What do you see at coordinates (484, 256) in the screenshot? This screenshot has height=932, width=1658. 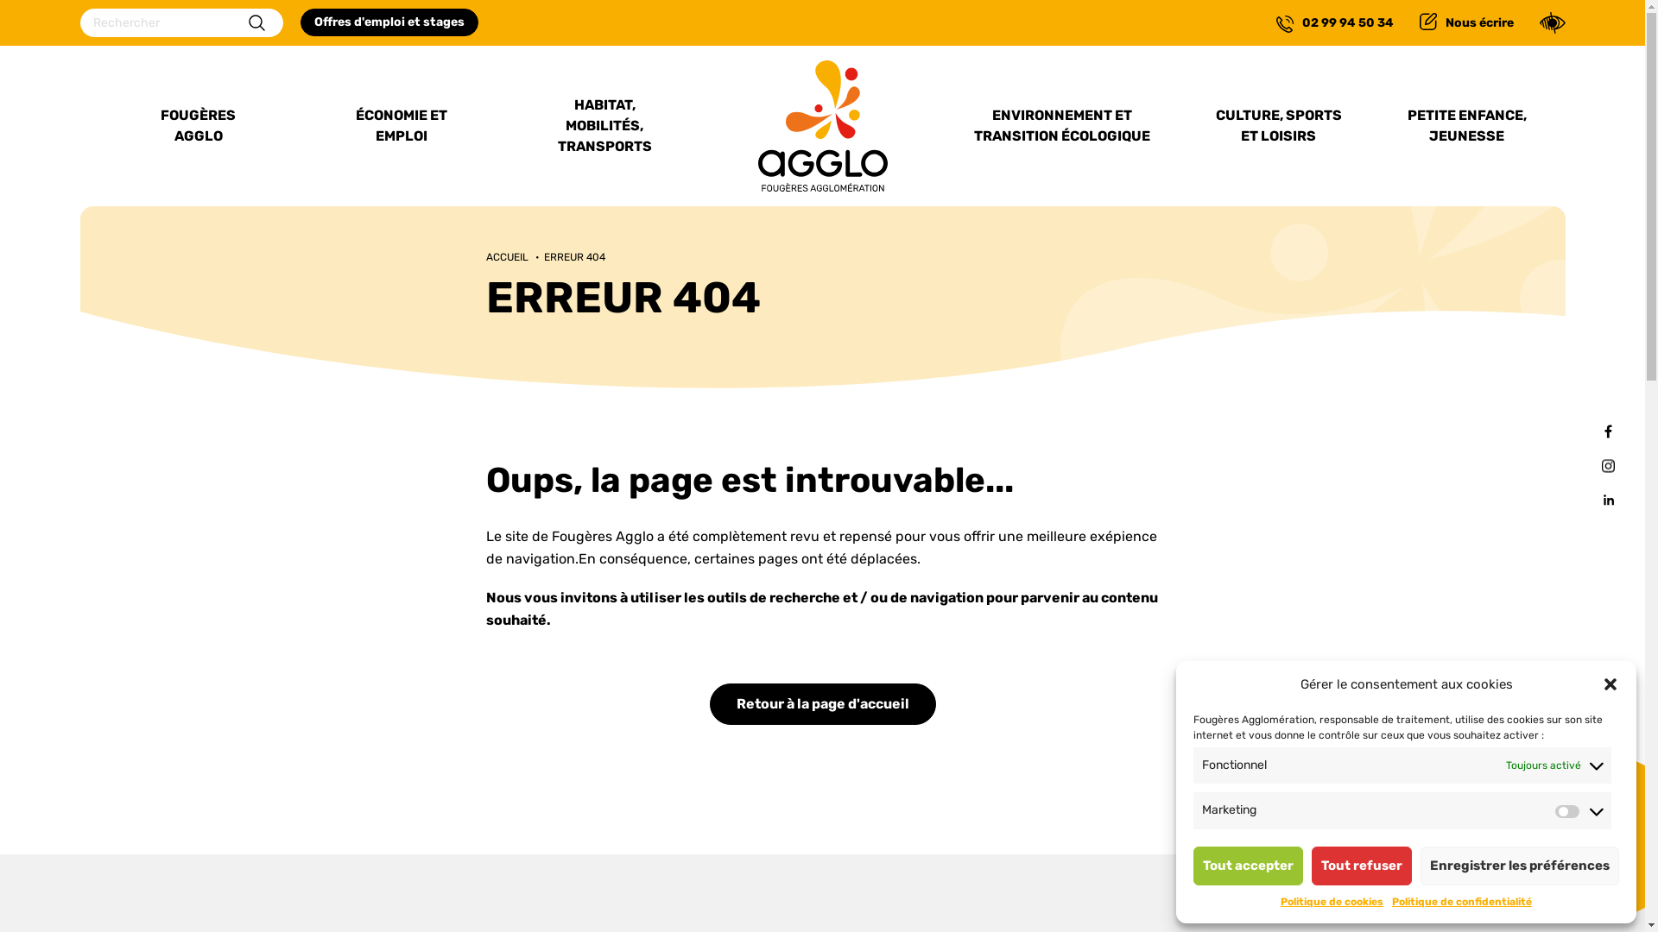 I see `'ACCUEIL'` at bounding box center [484, 256].